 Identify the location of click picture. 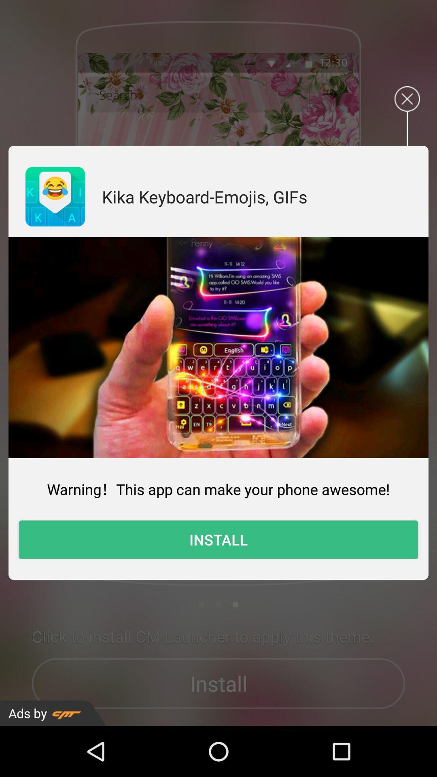
(218, 347).